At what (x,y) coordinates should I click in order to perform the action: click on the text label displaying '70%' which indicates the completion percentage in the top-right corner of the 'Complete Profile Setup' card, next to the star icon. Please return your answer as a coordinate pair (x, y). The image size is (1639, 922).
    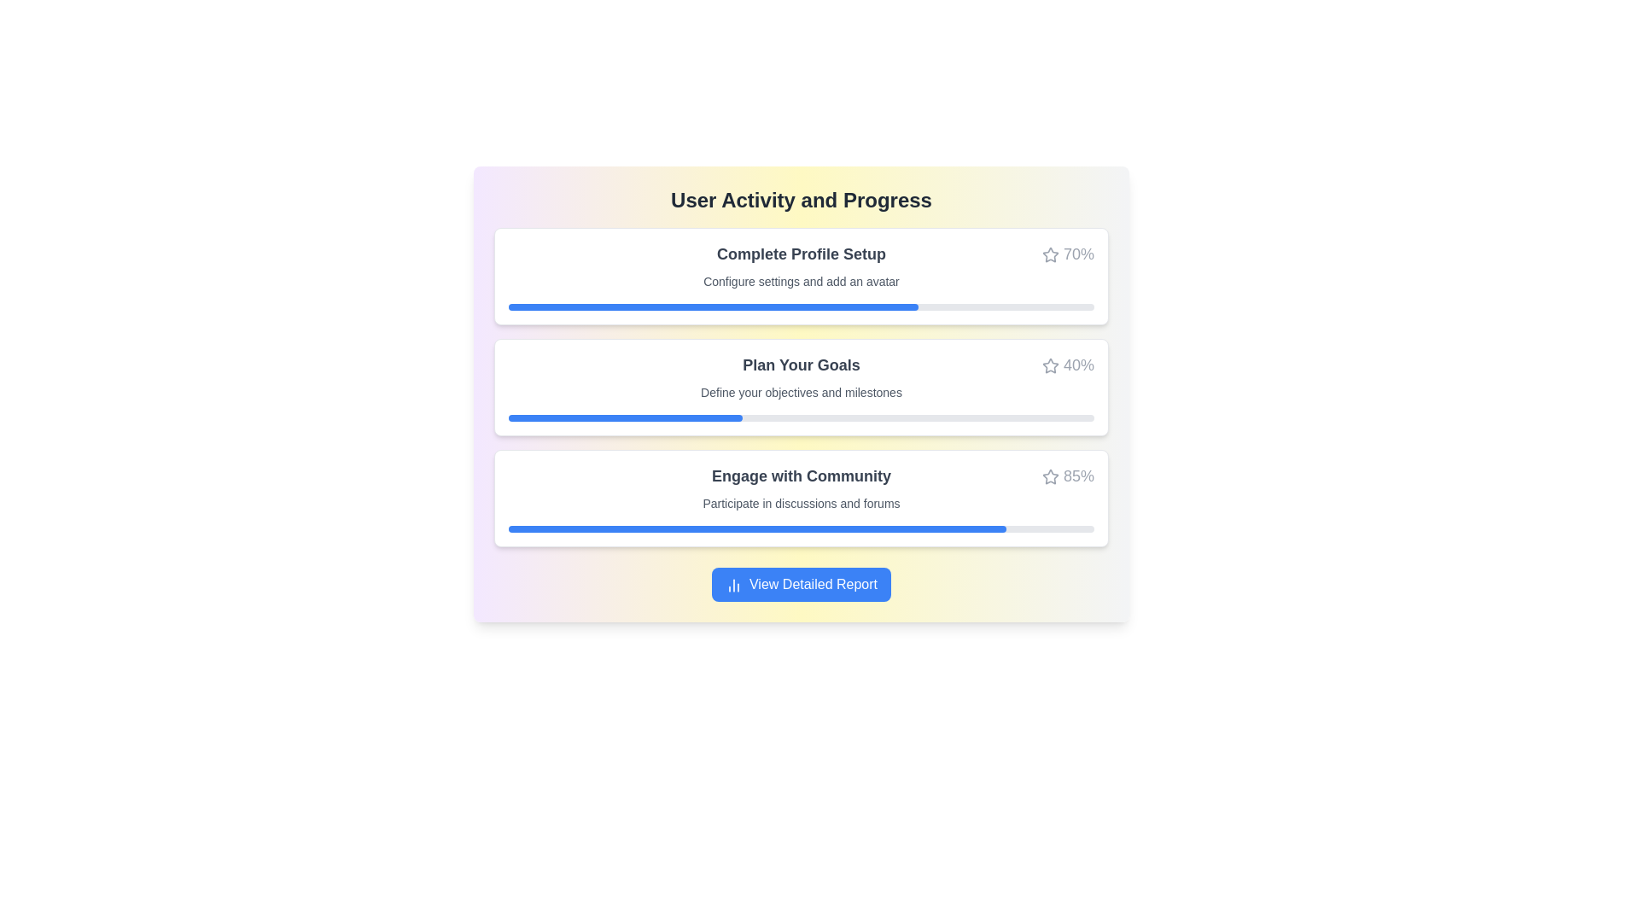
    Looking at the image, I should click on (1067, 254).